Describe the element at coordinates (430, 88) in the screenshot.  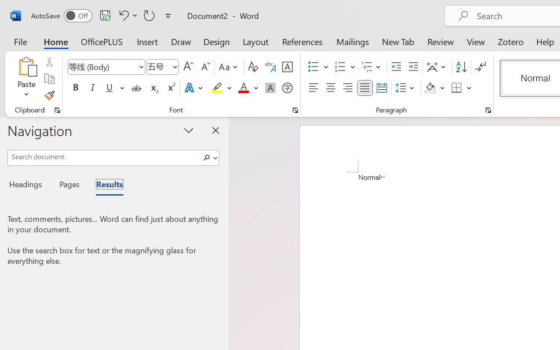
I see `'Shading RGB(0, 0, 0)'` at that location.